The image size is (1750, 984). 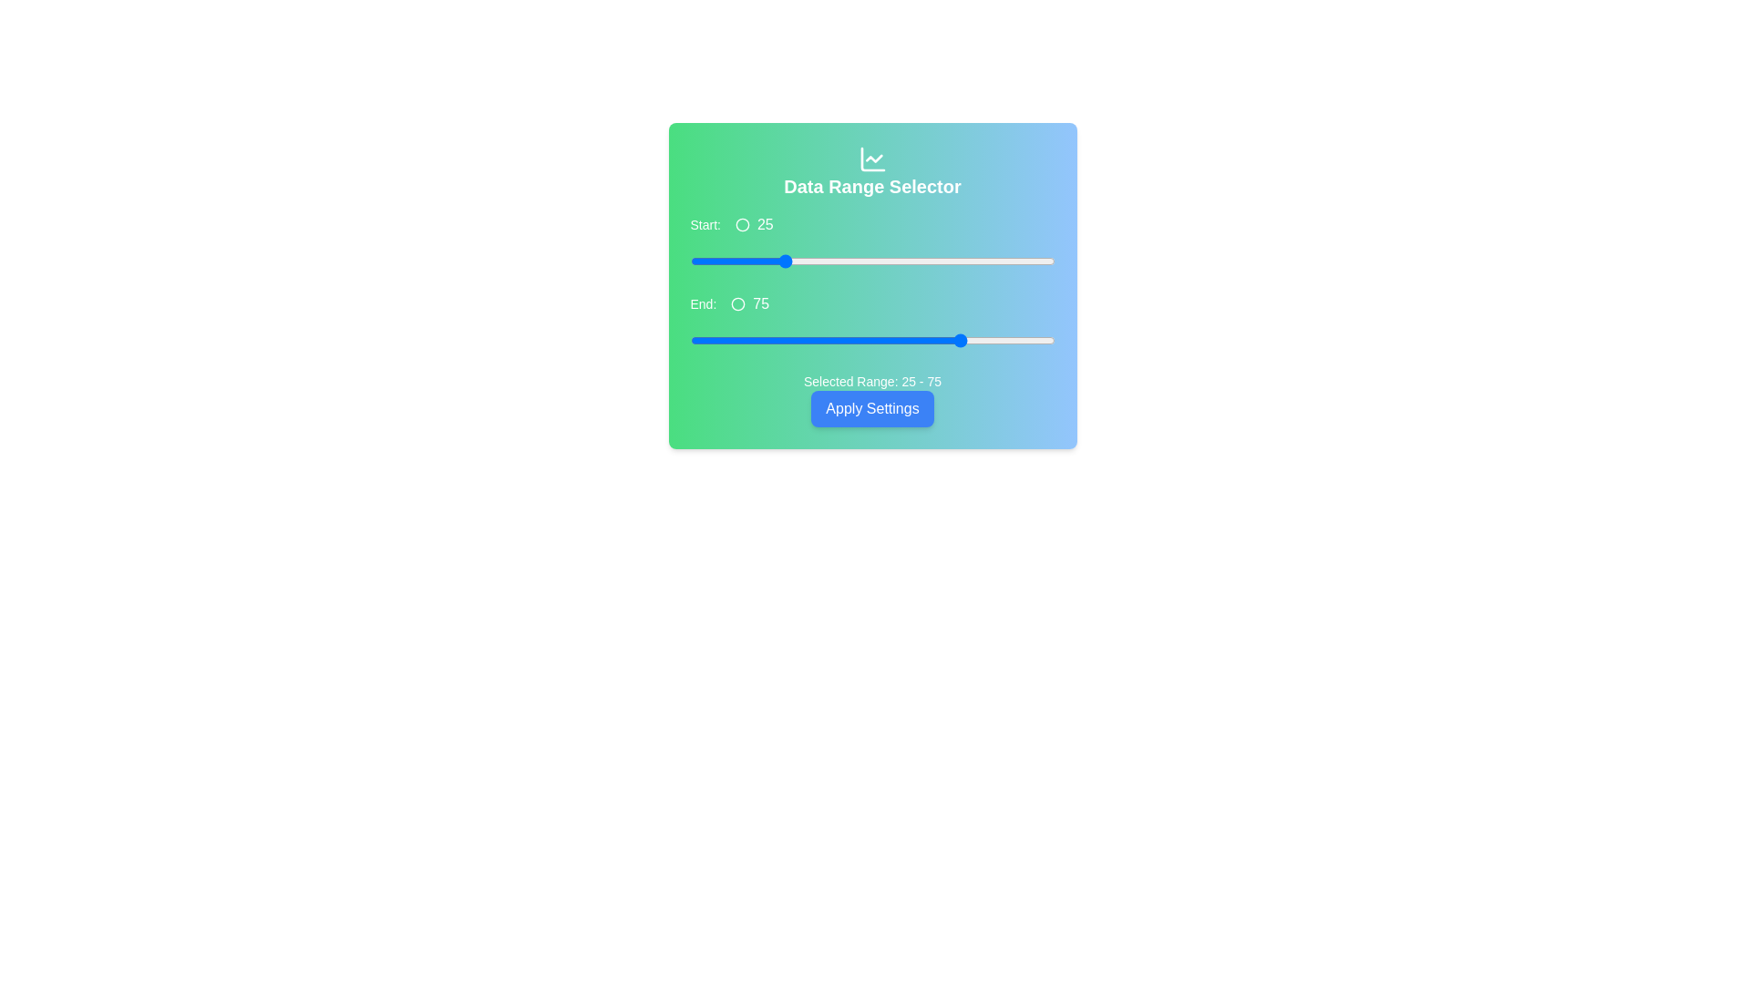 What do you see at coordinates (715, 261) in the screenshot?
I see `the slider` at bounding box center [715, 261].